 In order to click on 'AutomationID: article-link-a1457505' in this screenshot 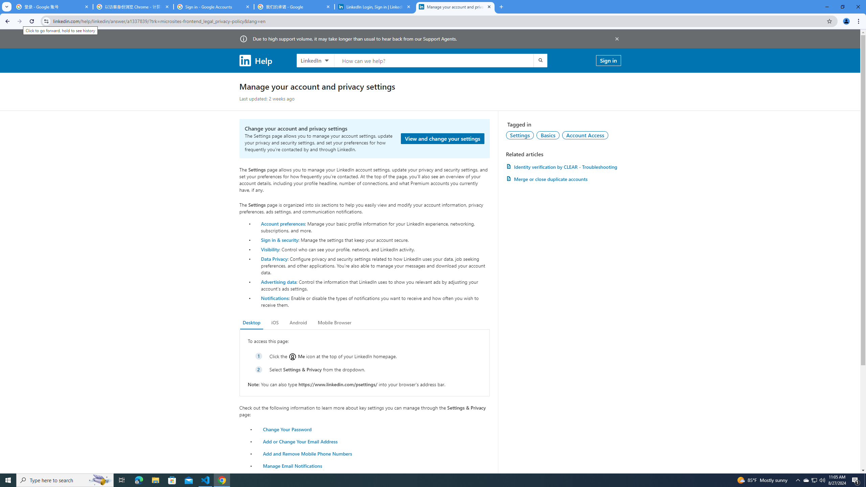, I will do `click(563, 167)`.